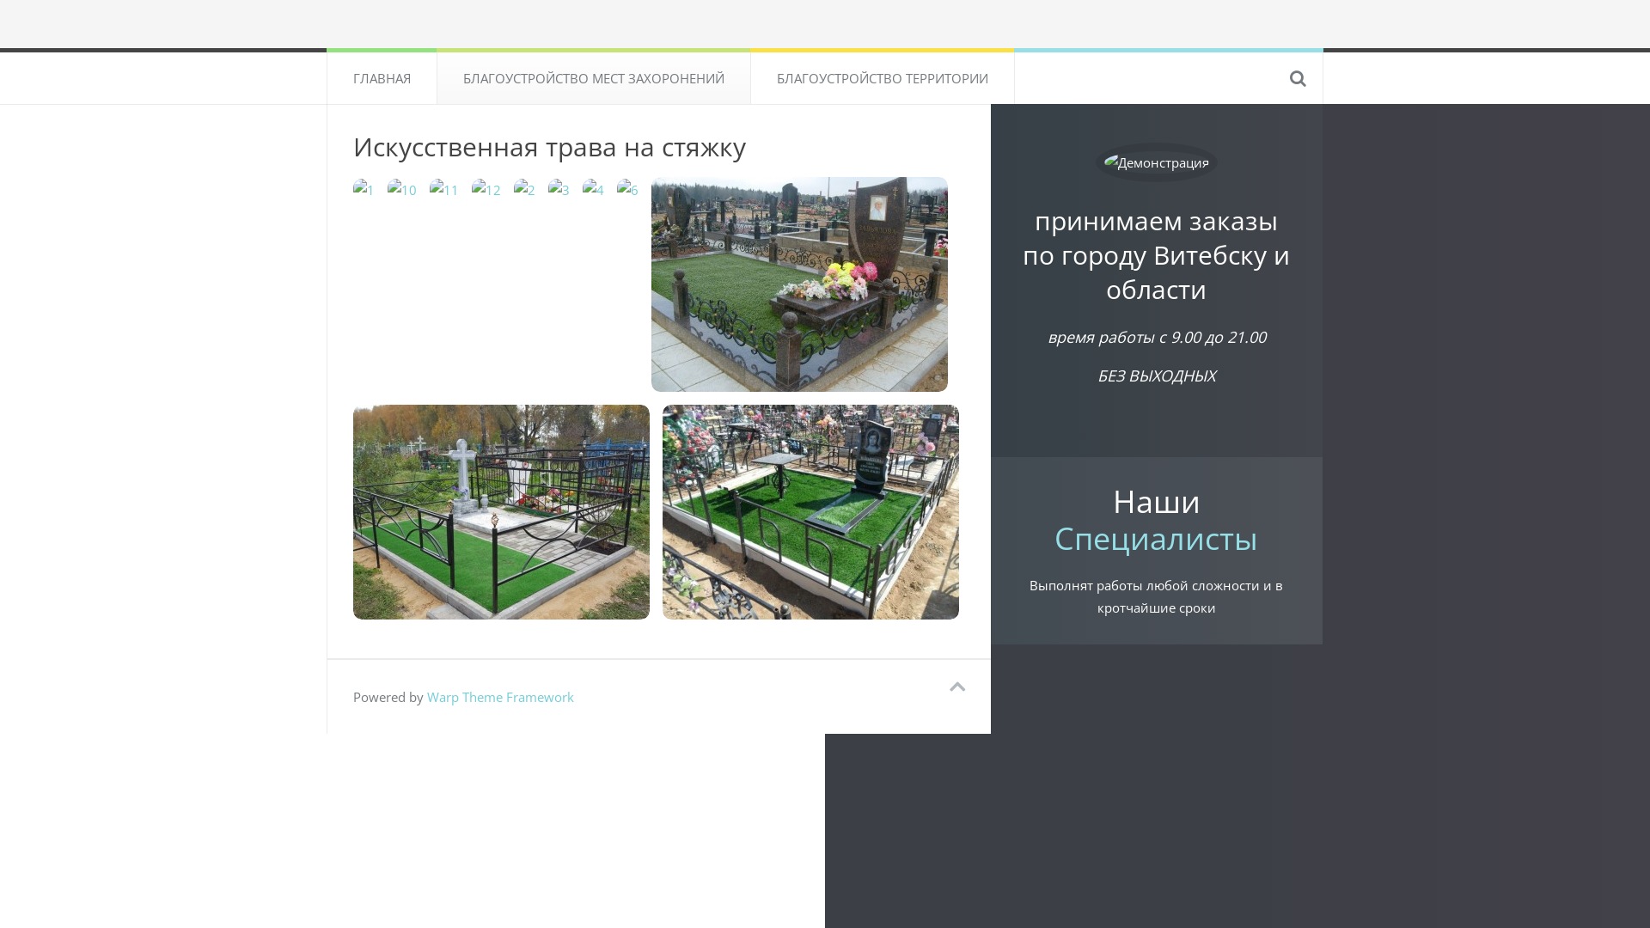  Describe the element at coordinates (651, 284) in the screenshot. I see `'7'` at that location.